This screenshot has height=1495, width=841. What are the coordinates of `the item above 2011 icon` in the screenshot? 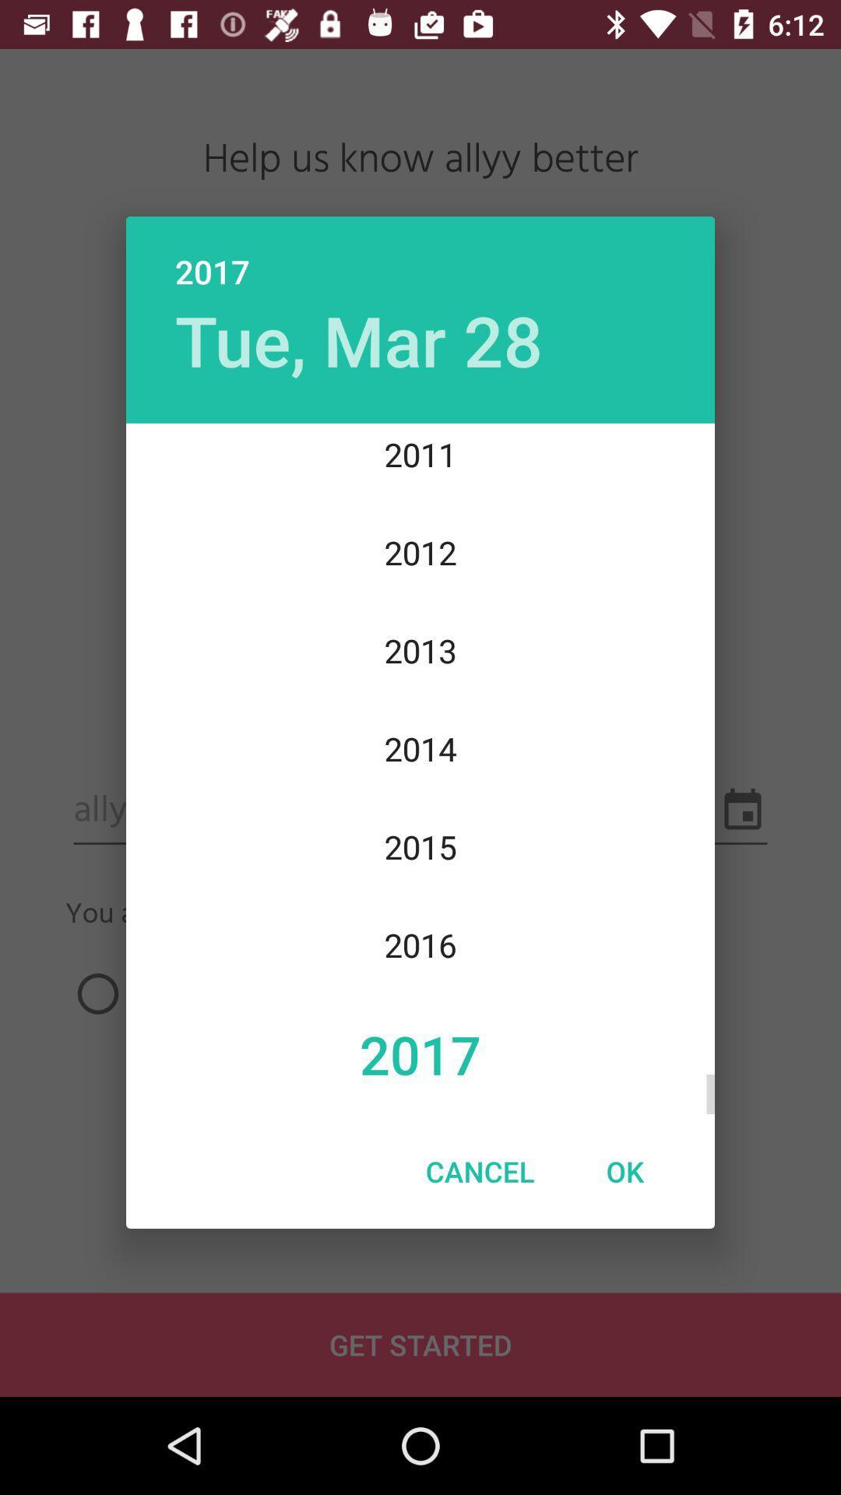 It's located at (359, 339).